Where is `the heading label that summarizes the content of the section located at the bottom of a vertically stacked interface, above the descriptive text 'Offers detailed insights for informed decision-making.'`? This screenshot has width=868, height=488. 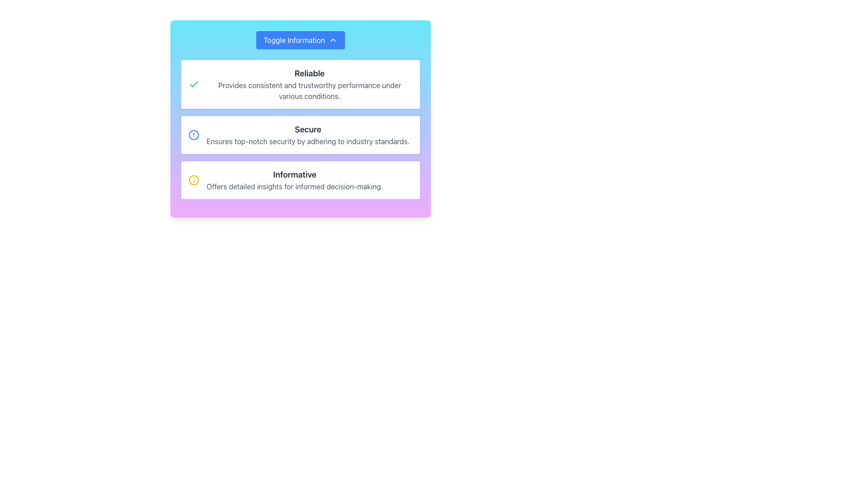
the heading label that summarizes the content of the section located at the bottom of a vertically stacked interface, above the descriptive text 'Offers detailed insights for informed decision-making.' is located at coordinates (295, 174).